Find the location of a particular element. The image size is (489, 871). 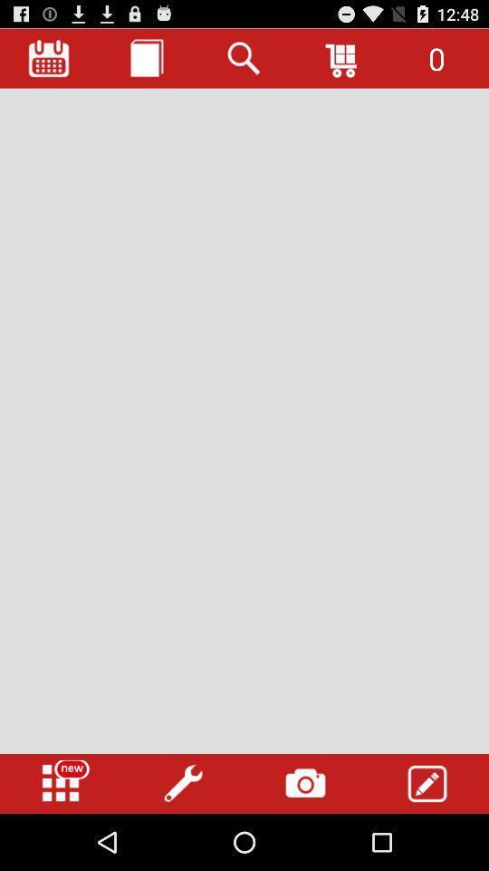

icon at the bottom right corner is located at coordinates (427, 783).